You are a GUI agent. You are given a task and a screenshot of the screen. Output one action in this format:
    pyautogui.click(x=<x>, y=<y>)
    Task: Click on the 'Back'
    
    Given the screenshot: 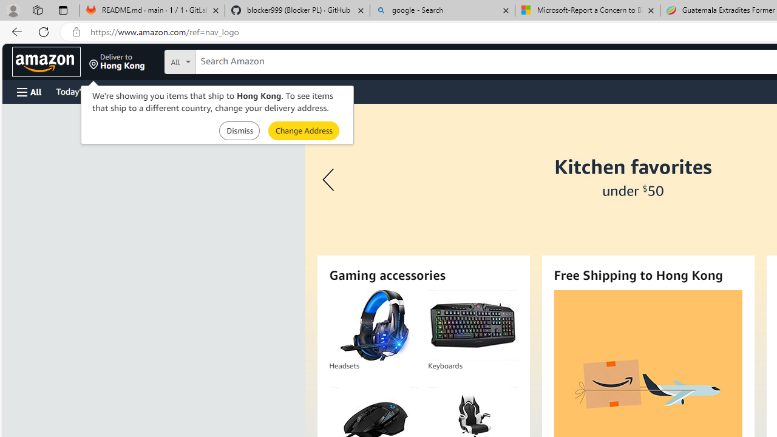 What is the action you would take?
    pyautogui.click(x=15, y=31)
    